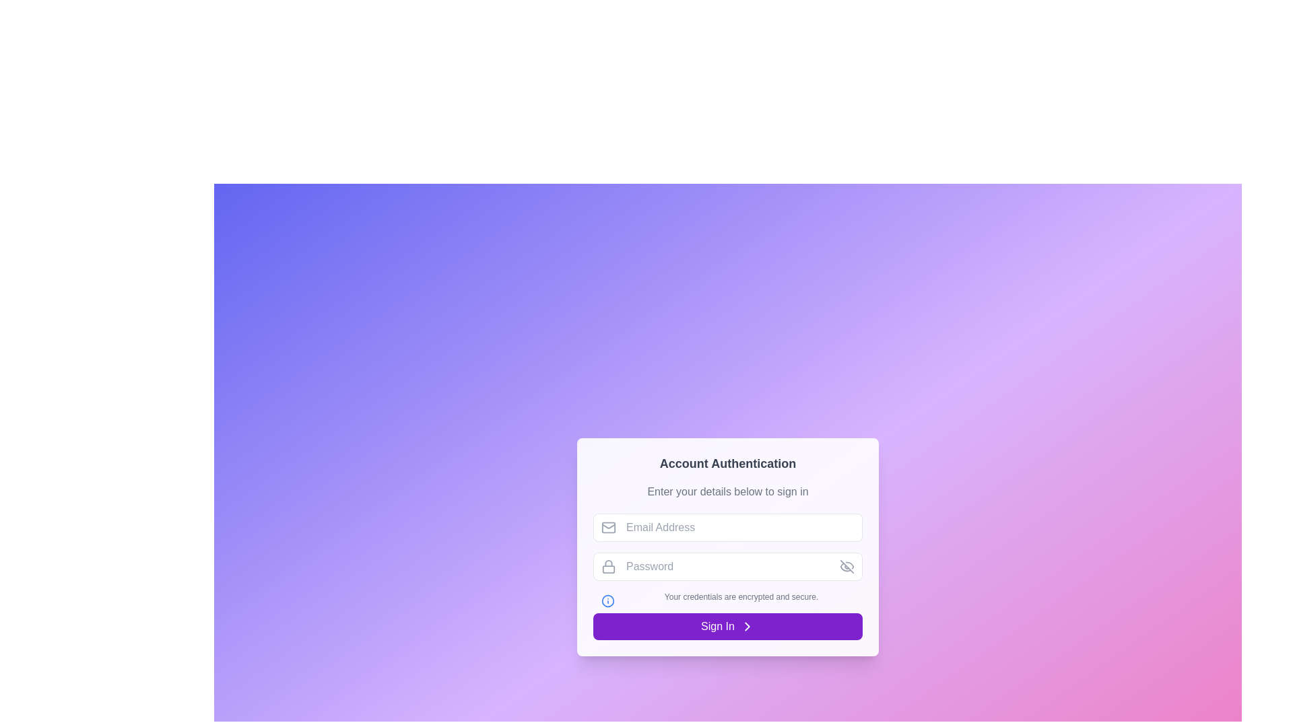  What do you see at coordinates (607, 600) in the screenshot?
I see `the informational icon located near the bottom of the form, to the left of the text 'Your credentials are encrypted and secure.'` at bounding box center [607, 600].